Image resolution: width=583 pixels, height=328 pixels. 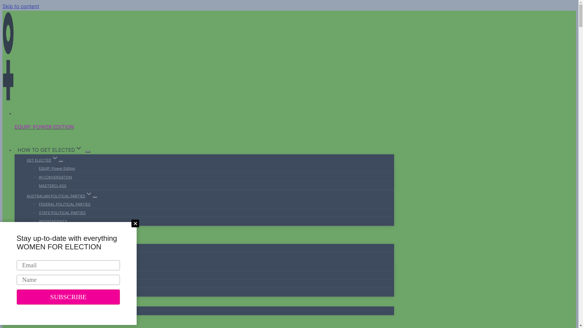 What do you see at coordinates (28, 302) in the screenshot?
I see `'BLOGExpand'` at bounding box center [28, 302].